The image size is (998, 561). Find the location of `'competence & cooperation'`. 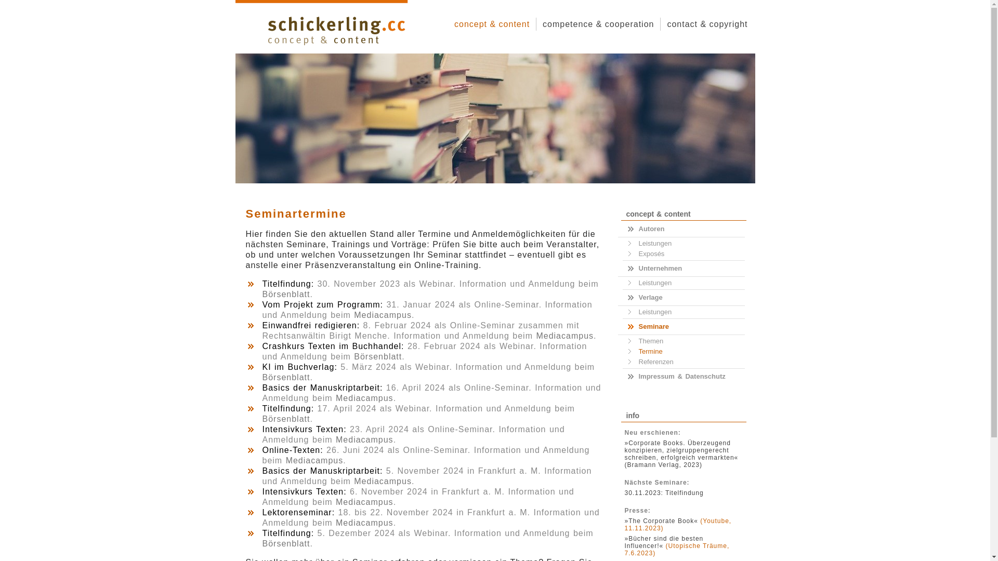

'competence & cooperation' is located at coordinates (598, 23).